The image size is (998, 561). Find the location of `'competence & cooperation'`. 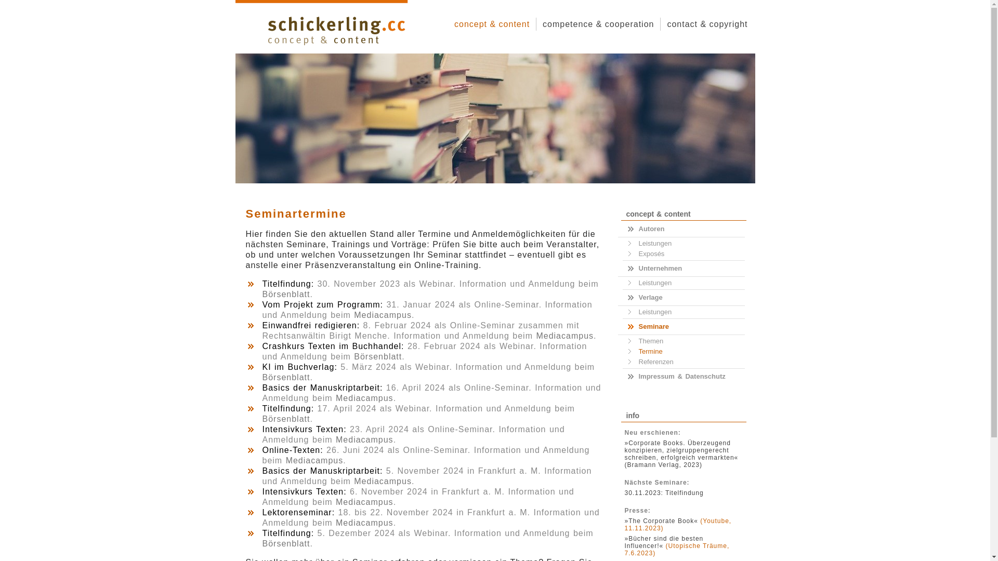

'competence & cooperation' is located at coordinates (598, 23).